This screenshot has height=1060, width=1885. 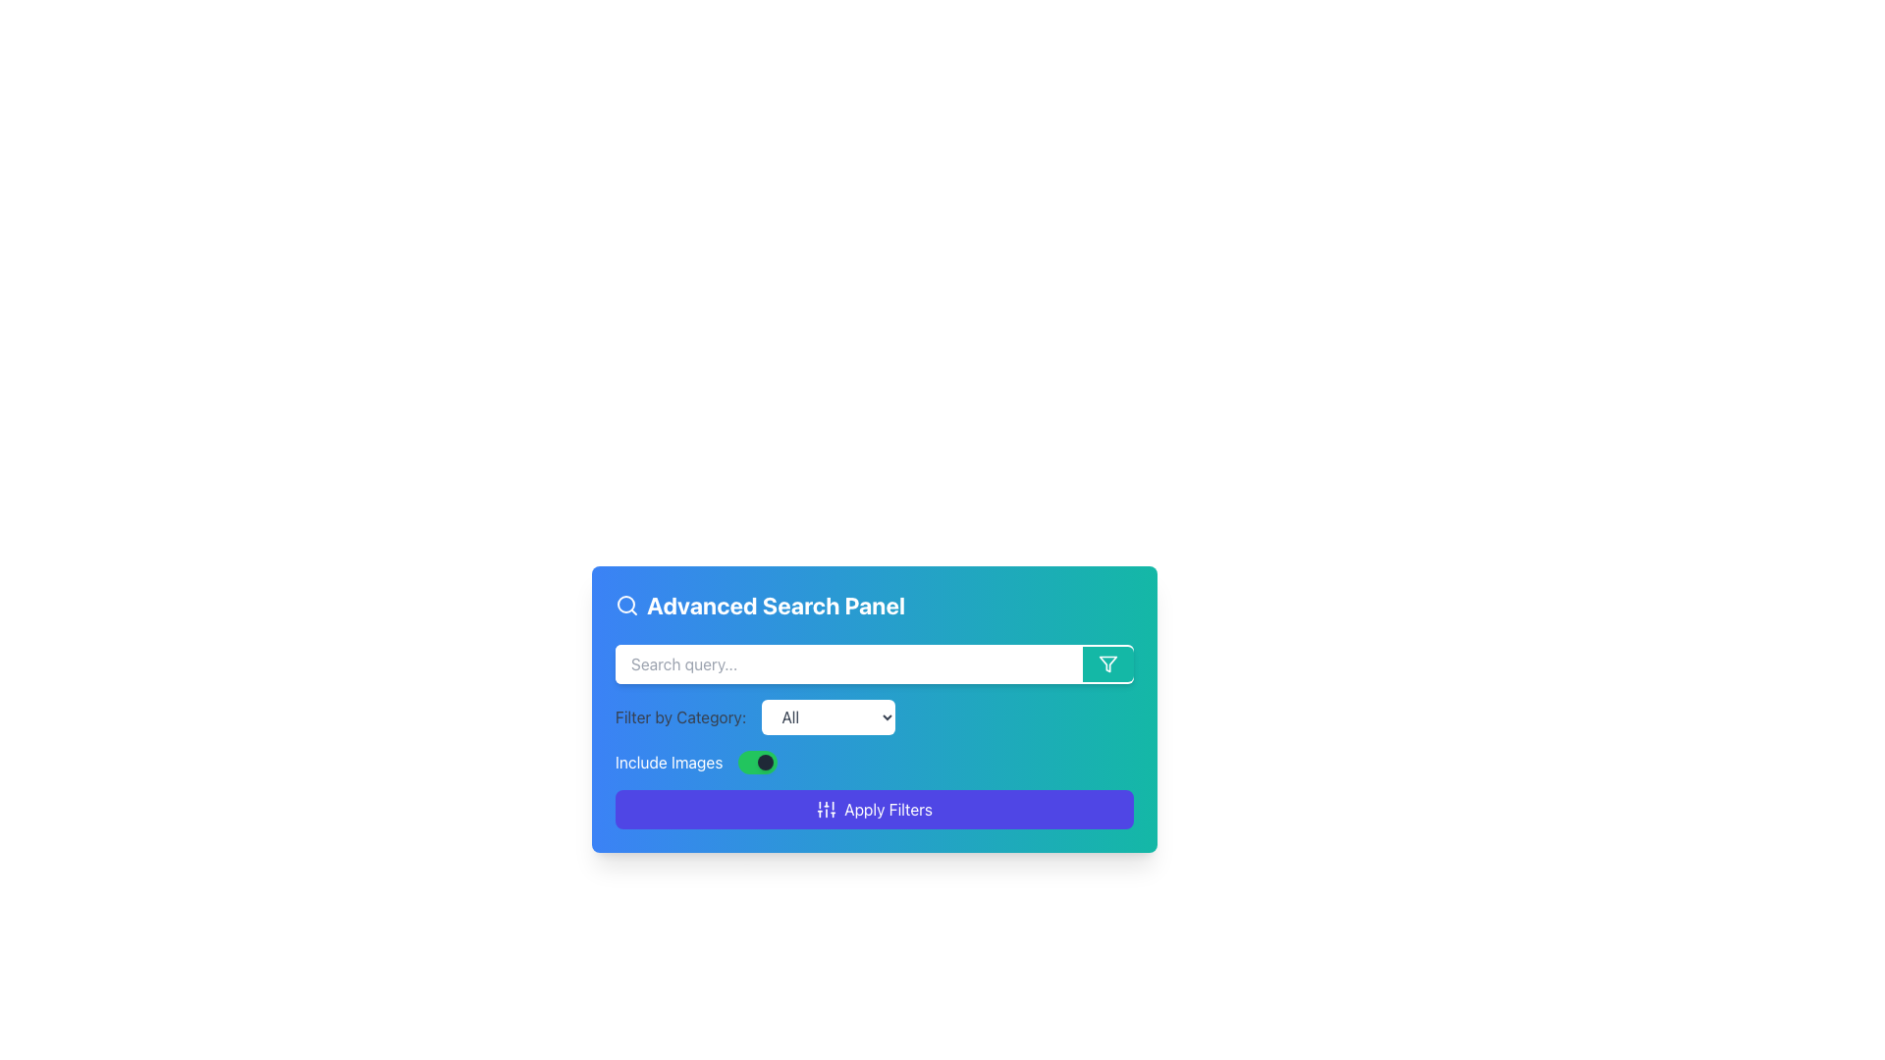 I want to click on the toggle switch labeled 'Include Images', so click(x=874, y=761).